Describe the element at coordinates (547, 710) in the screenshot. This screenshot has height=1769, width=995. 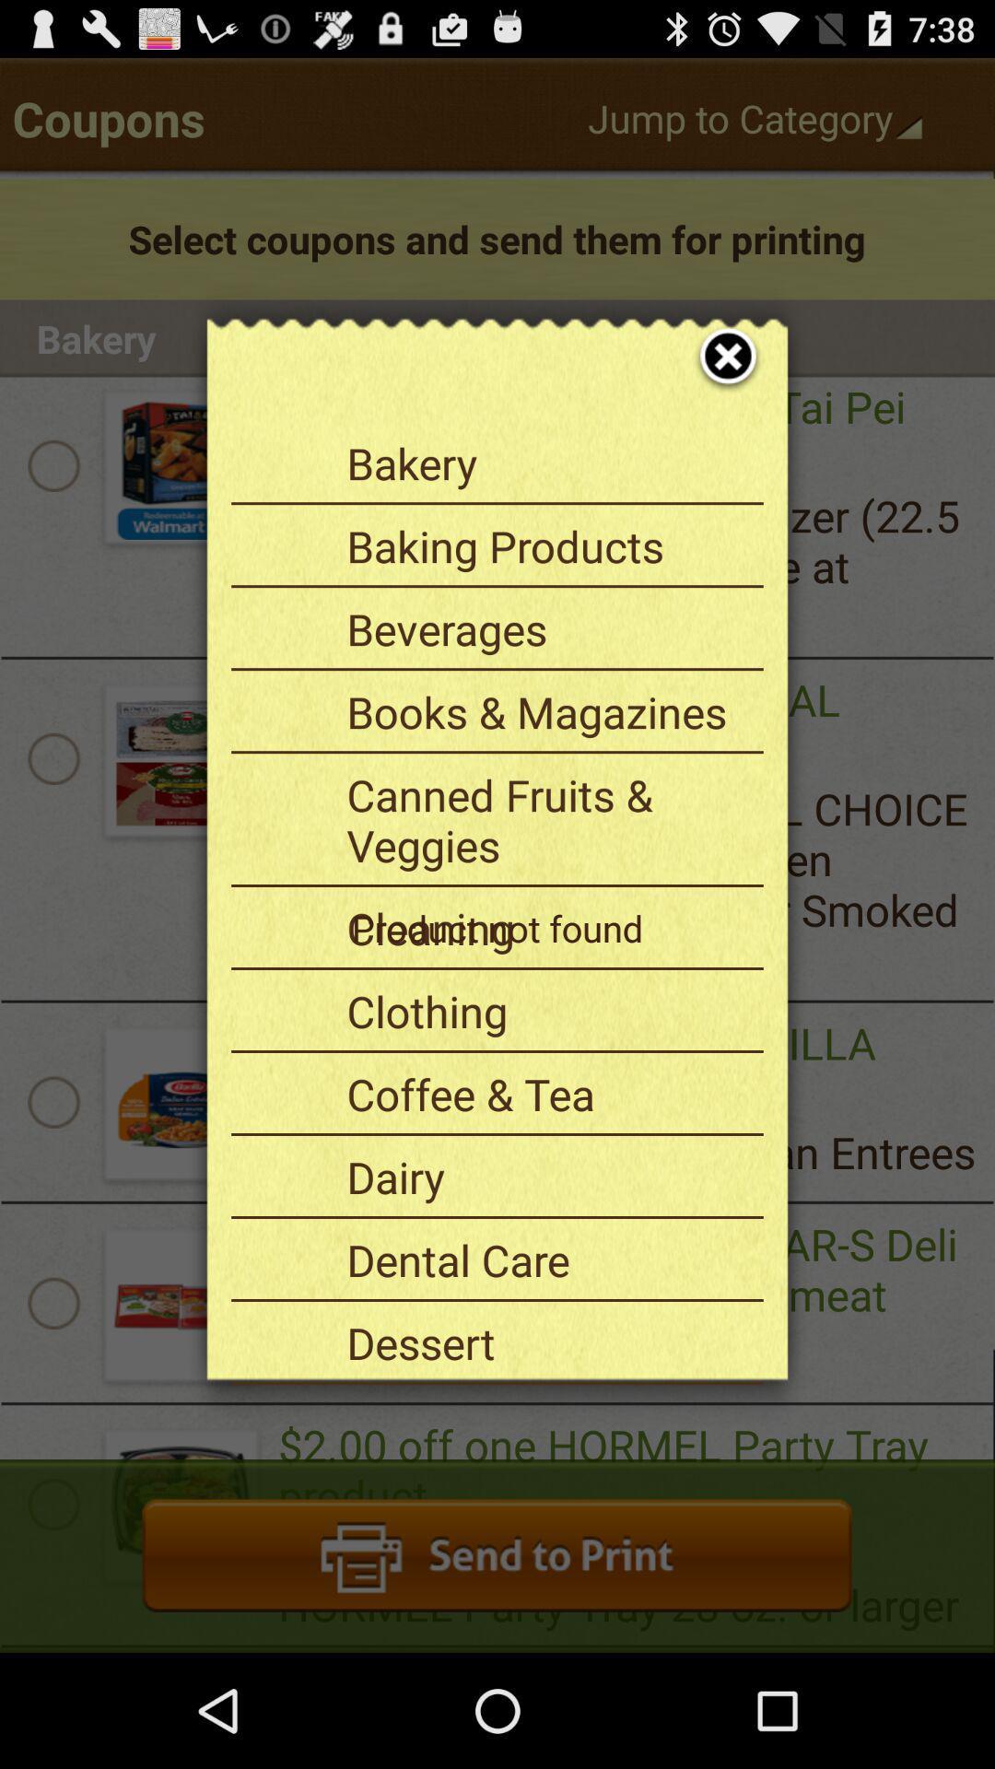
I see `books & magazines item` at that location.